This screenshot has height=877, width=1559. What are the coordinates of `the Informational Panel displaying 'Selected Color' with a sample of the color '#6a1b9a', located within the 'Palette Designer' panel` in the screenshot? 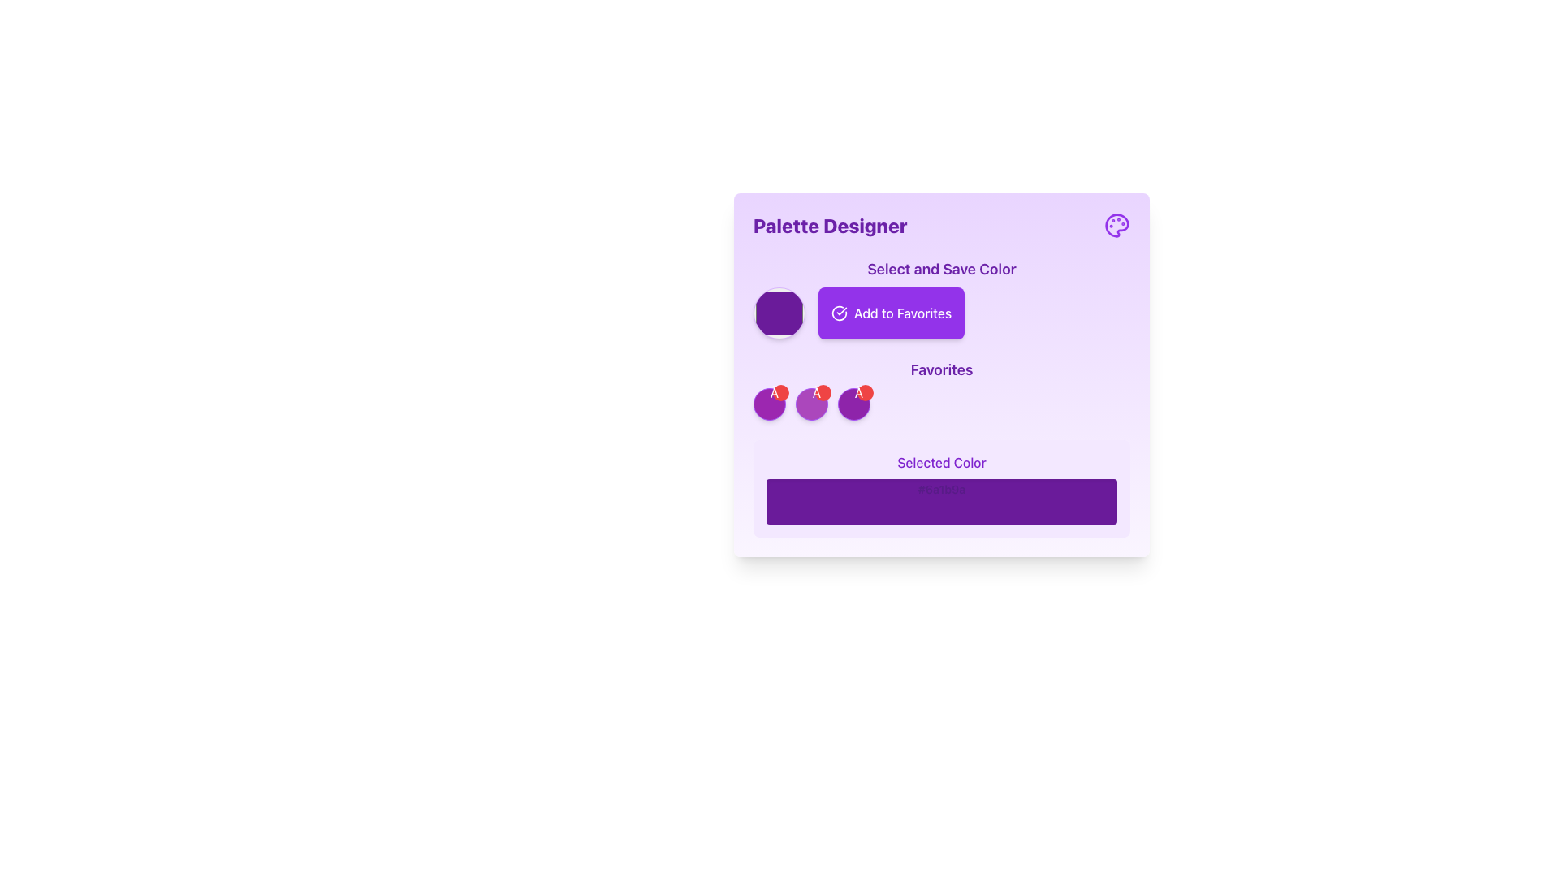 It's located at (942, 487).